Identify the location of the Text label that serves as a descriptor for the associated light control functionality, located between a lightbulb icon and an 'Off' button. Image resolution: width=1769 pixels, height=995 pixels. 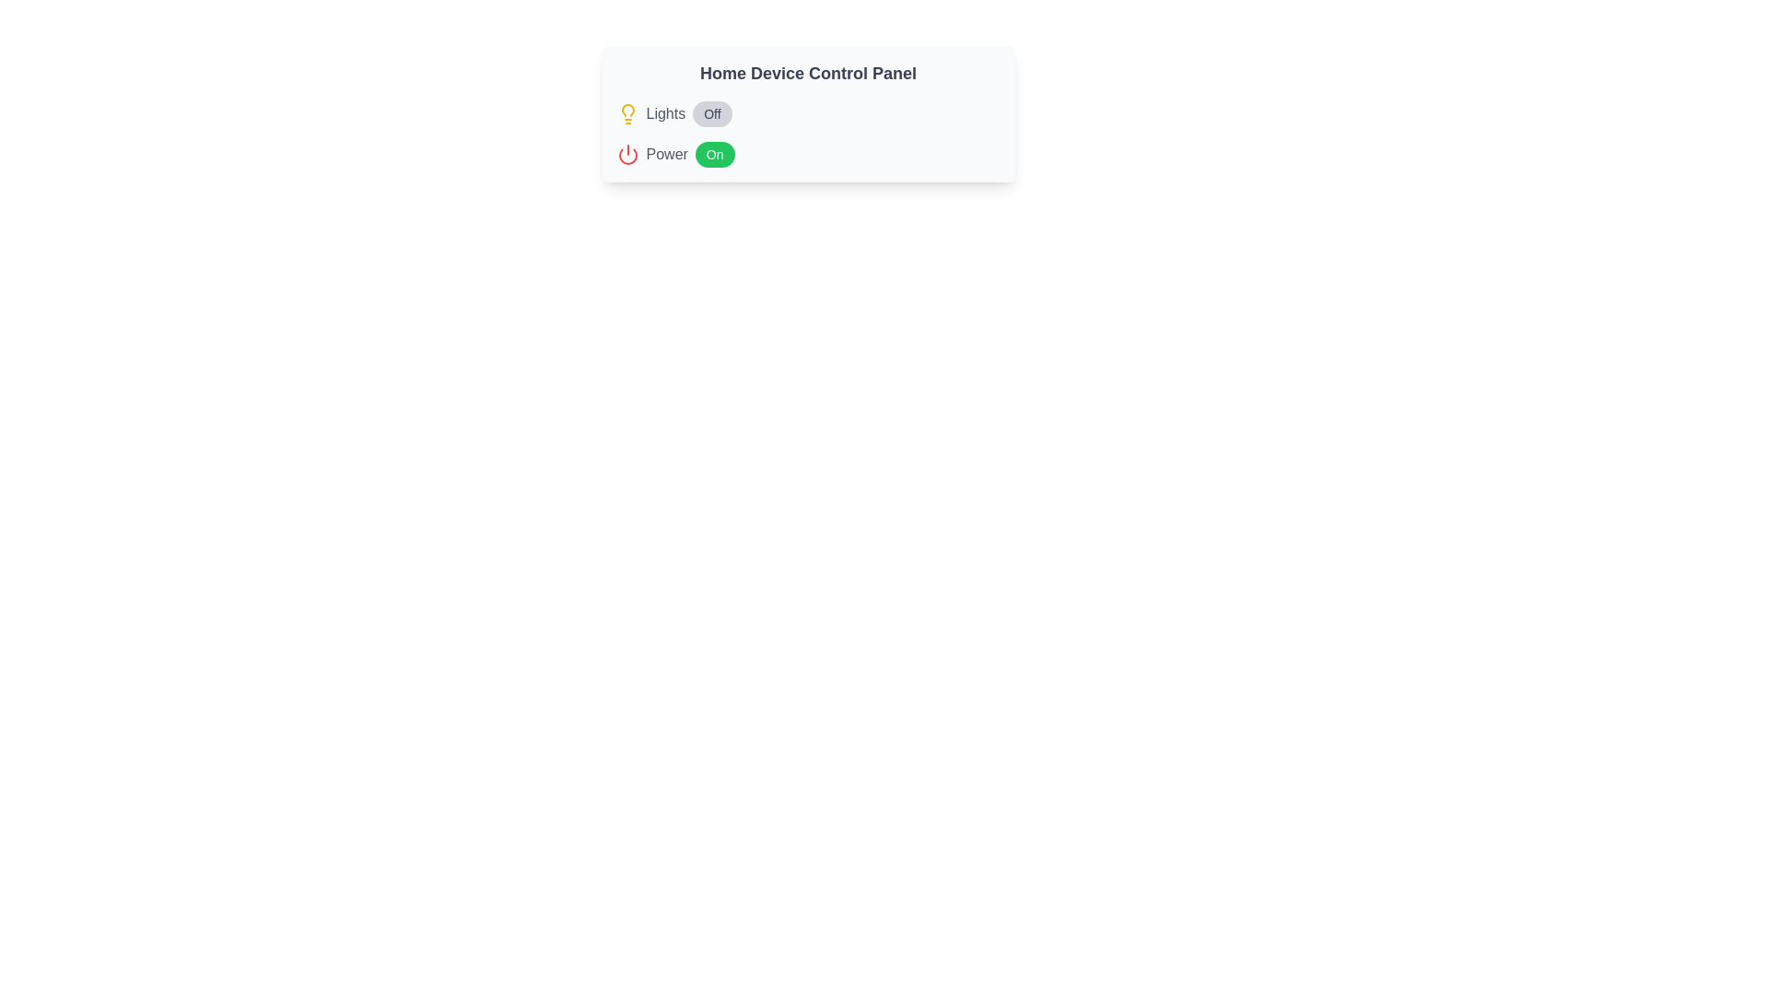
(664, 113).